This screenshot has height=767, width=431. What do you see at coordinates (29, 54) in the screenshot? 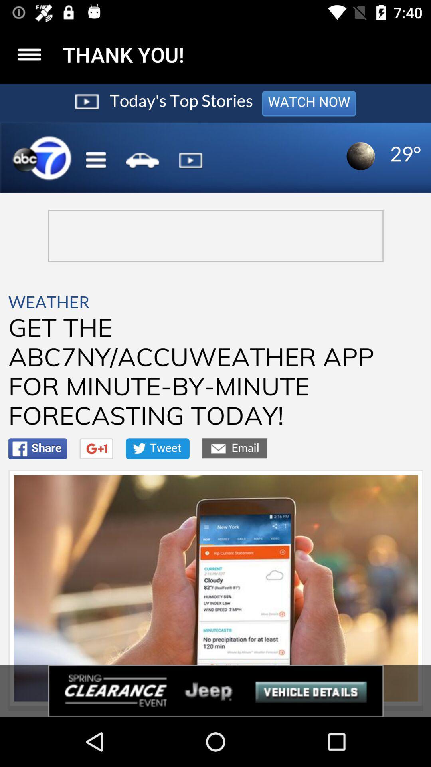
I see `the menu icon` at bounding box center [29, 54].